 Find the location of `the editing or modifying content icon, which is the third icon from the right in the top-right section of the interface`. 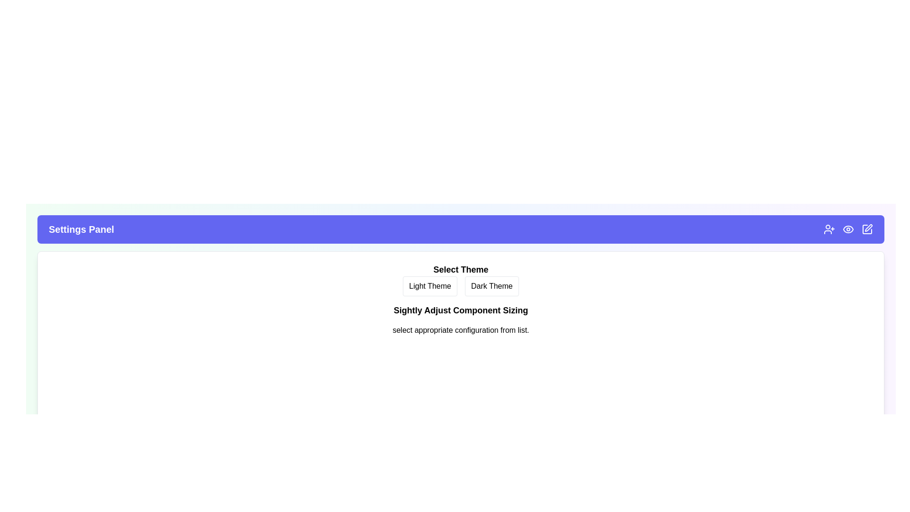

the editing or modifying content icon, which is the third icon from the right in the top-right section of the interface is located at coordinates (867, 229).